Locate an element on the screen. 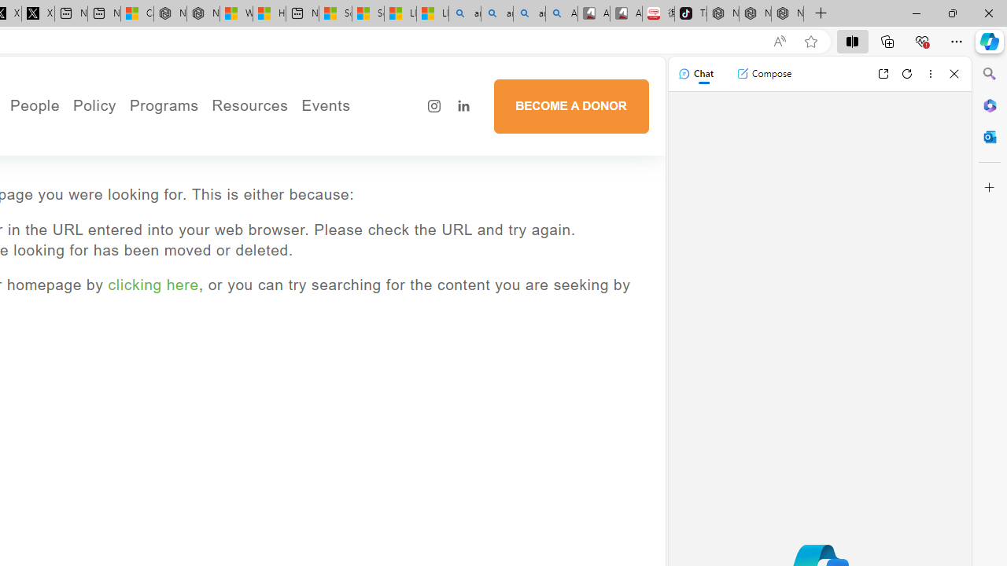  'Policy' is located at coordinates (94, 106).